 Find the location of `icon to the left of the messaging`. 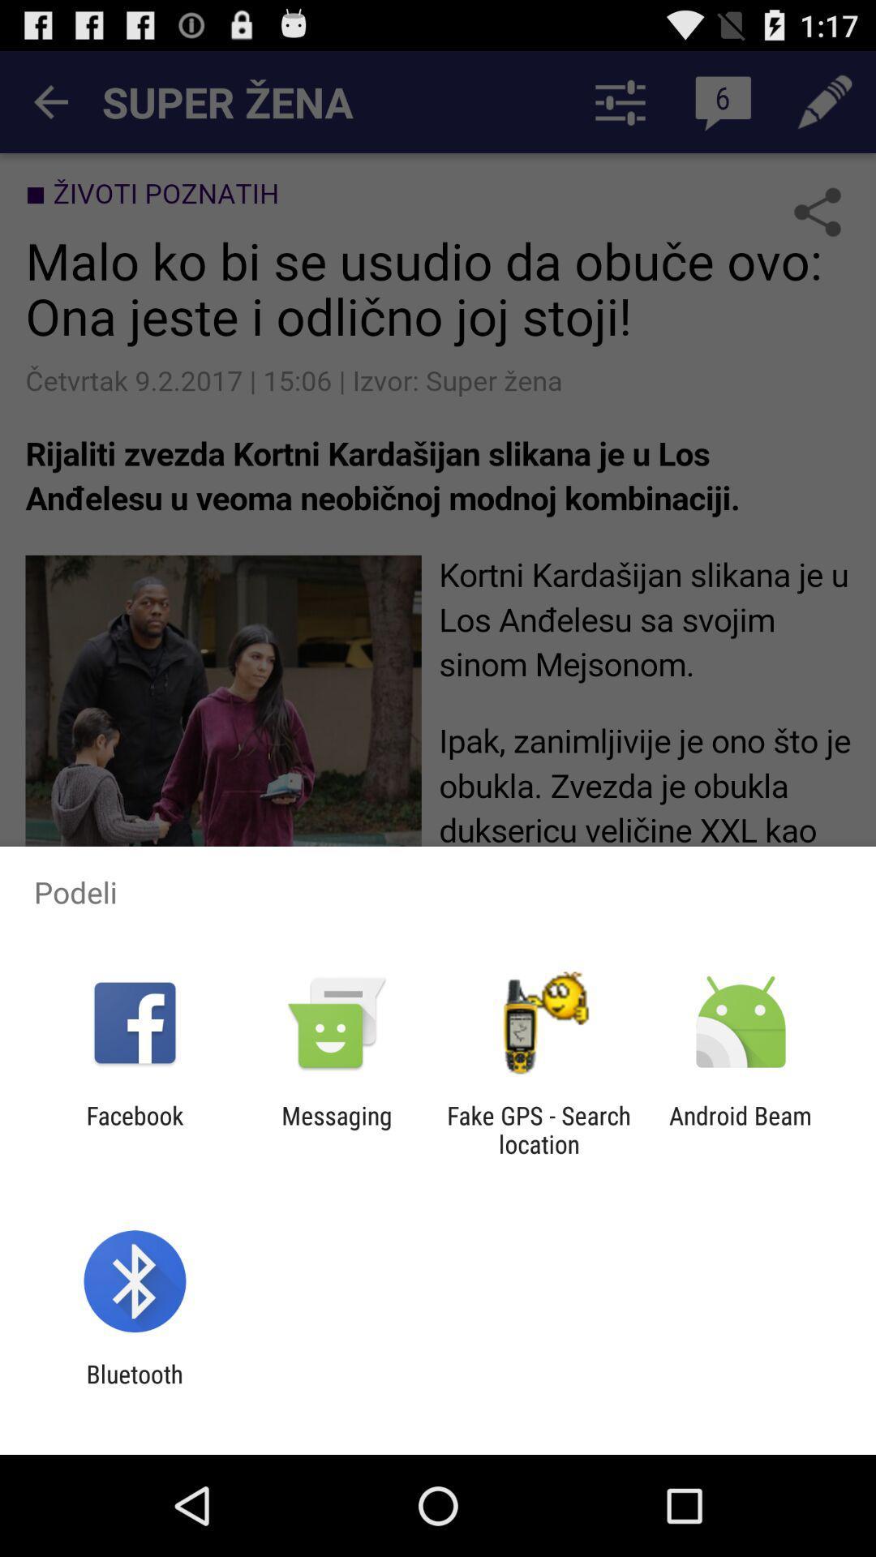

icon to the left of the messaging is located at coordinates (134, 1129).